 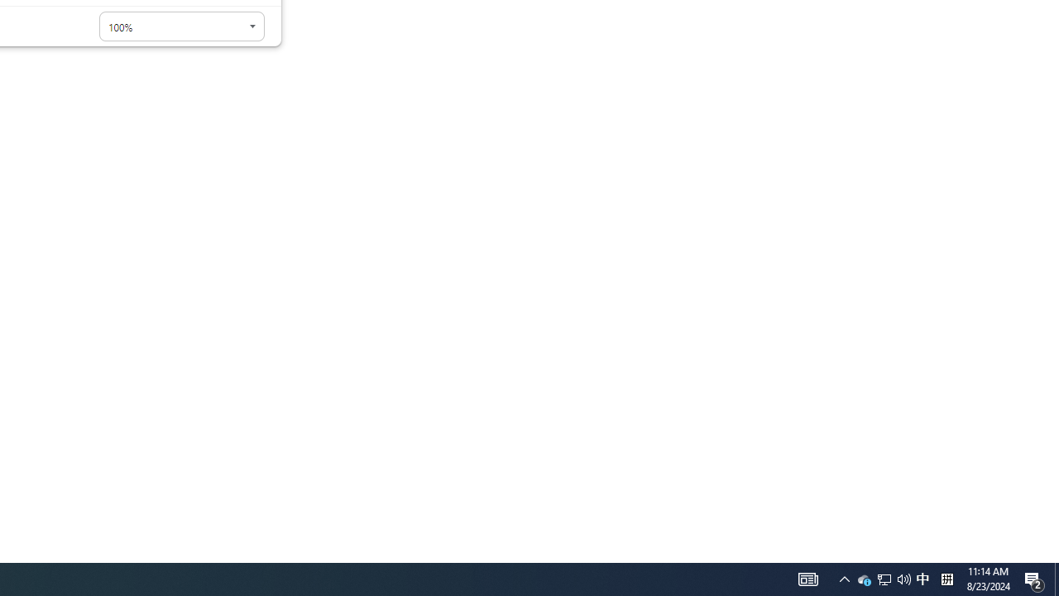 I want to click on 'Page zoom', so click(x=181, y=26).